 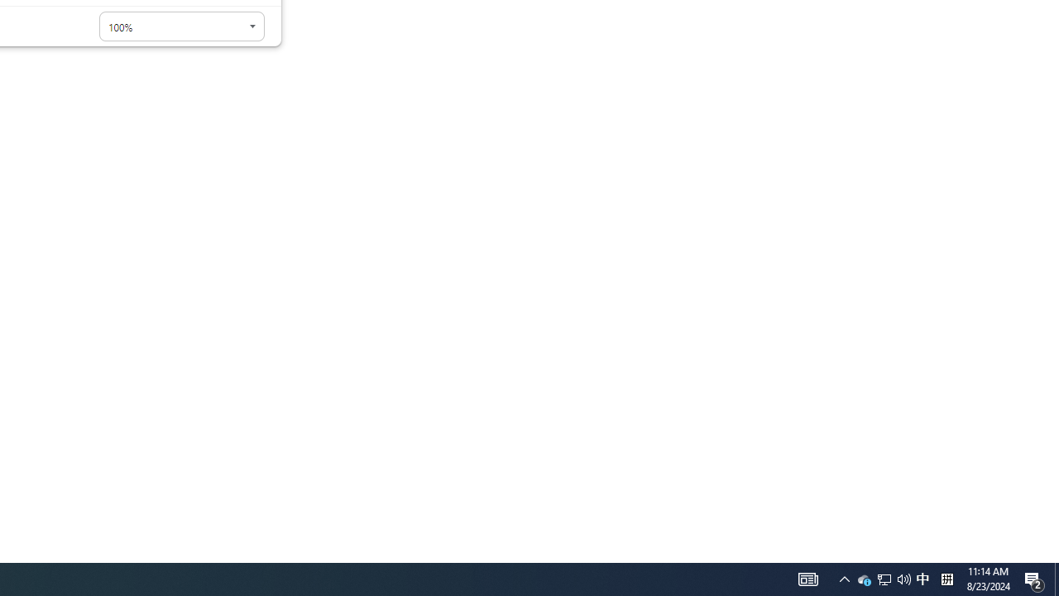 I want to click on 'Page zoom', so click(x=181, y=26).